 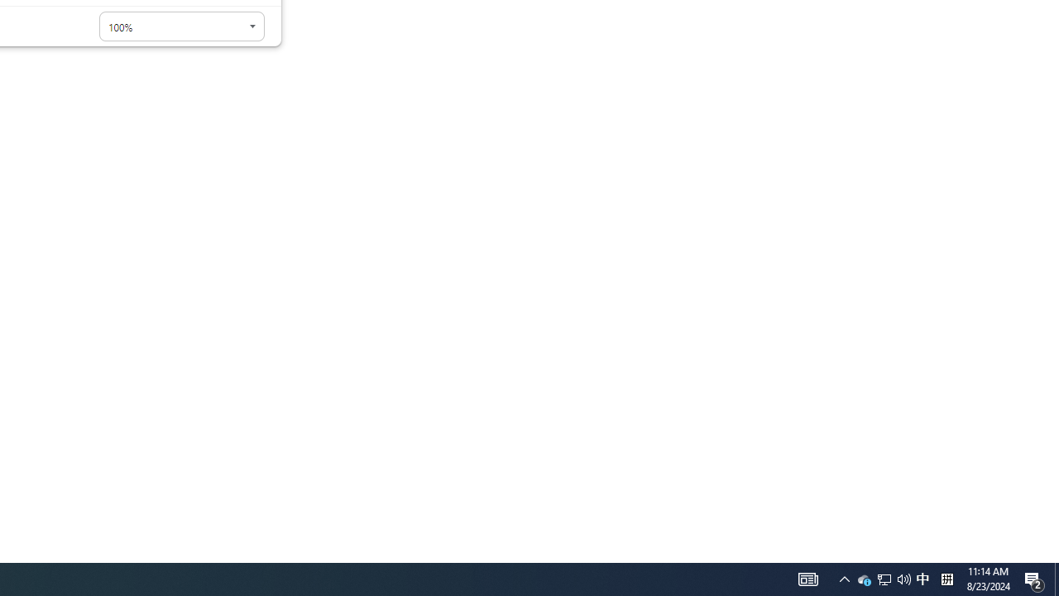 I want to click on 'Page zoom', so click(x=181, y=26).